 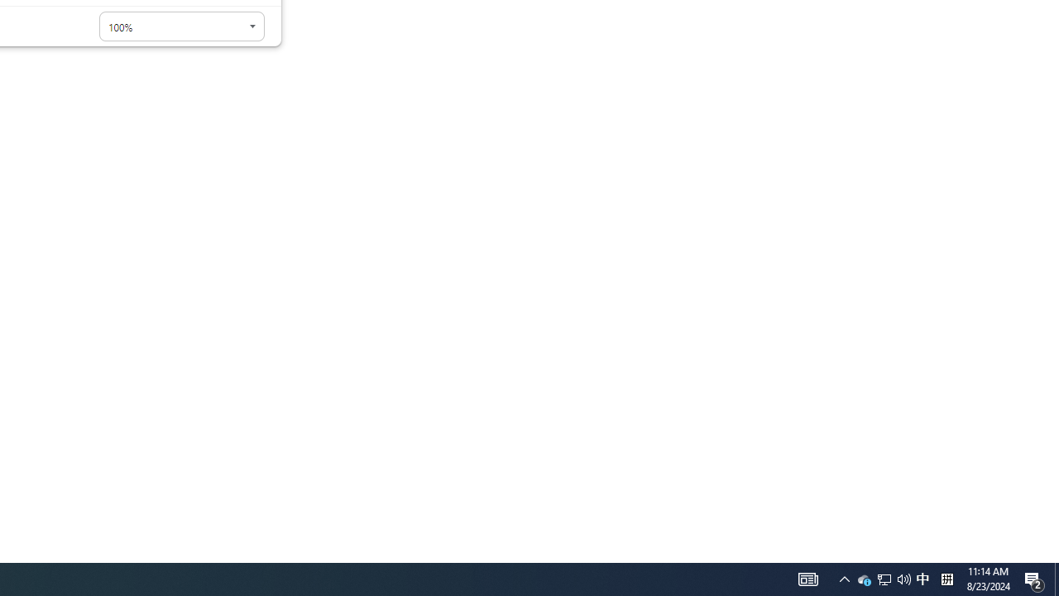 I want to click on 'Page zoom', so click(x=181, y=26).